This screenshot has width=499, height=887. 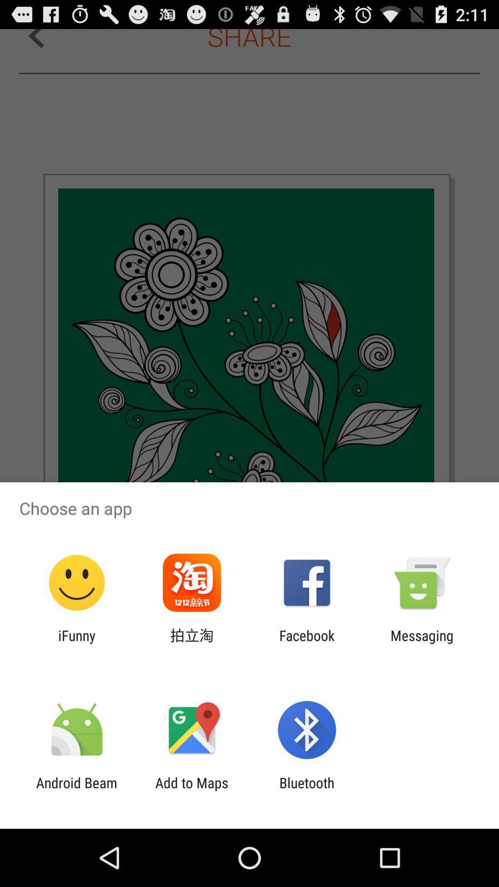 What do you see at coordinates (307, 643) in the screenshot?
I see `app to the left of the messaging icon` at bounding box center [307, 643].